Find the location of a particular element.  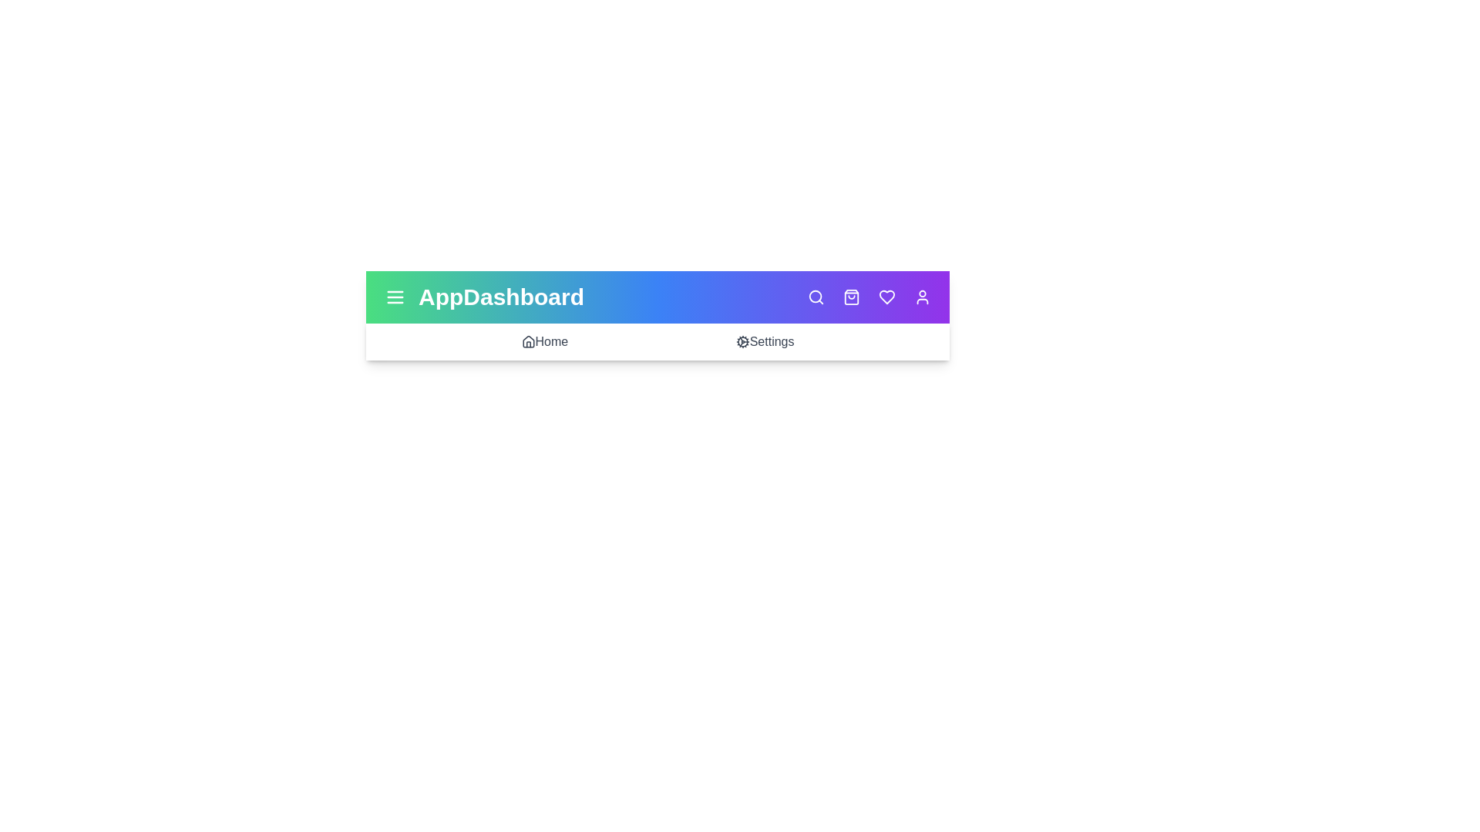

the menu icon to toggle the menu visibility is located at coordinates (395, 297).